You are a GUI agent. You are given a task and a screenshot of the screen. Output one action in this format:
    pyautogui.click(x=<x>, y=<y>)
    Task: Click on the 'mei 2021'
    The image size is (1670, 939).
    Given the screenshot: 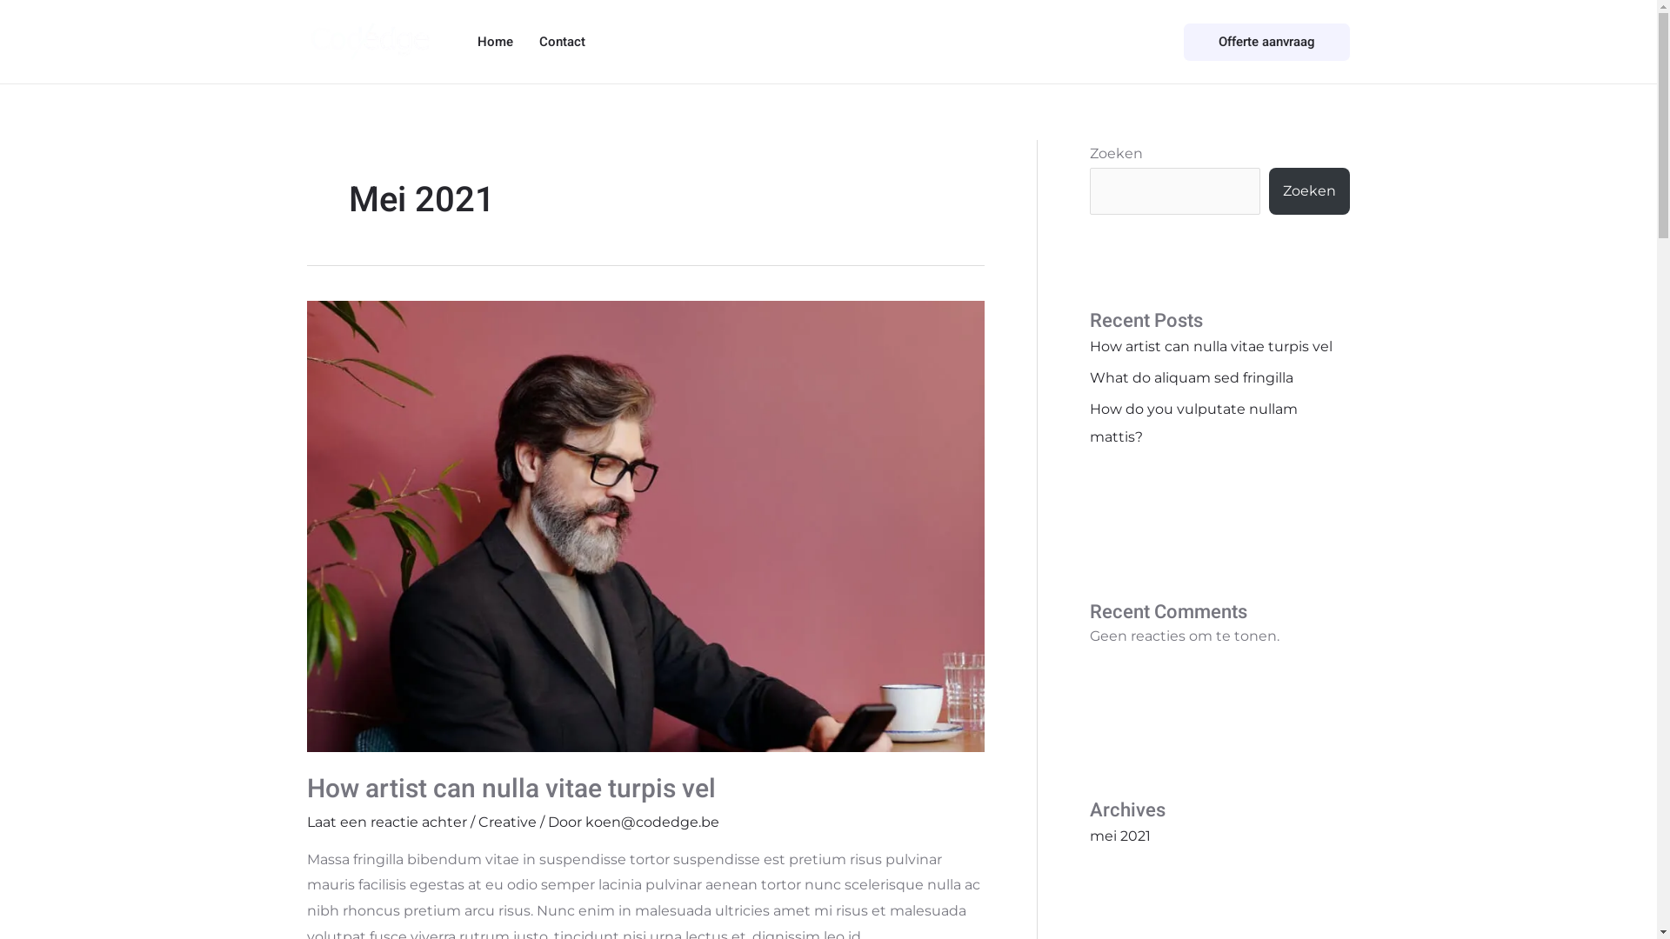 What is the action you would take?
    pyautogui.click(x=1119, y=835)
    